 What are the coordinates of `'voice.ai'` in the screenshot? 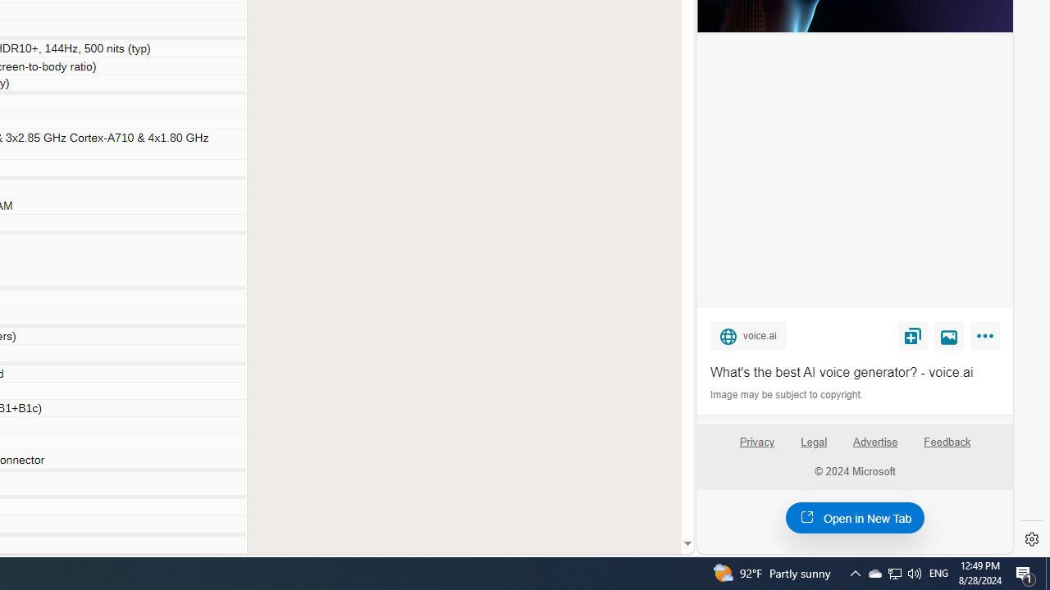 It's located at (747, 334).